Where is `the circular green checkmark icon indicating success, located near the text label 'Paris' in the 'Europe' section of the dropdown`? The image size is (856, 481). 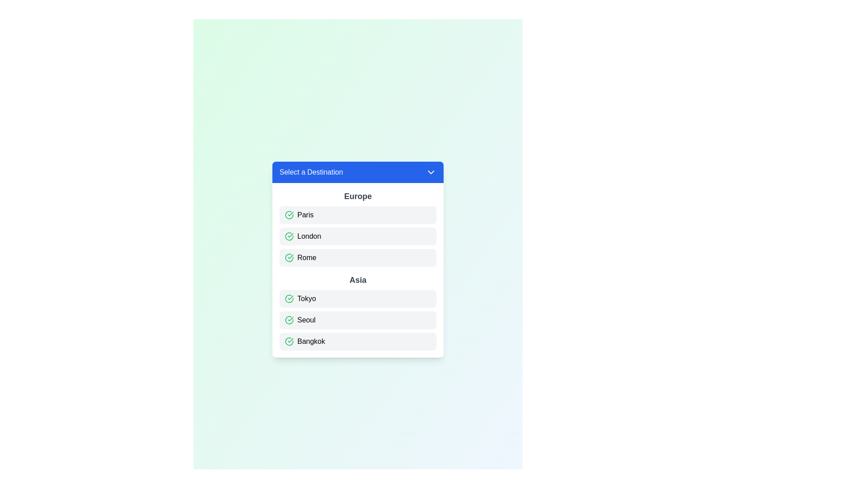
the circular green checkmark icon indicating success, located near the text label 'Paris' in the 'Europe' section of the dropdown is located at coordinates (289, 215).